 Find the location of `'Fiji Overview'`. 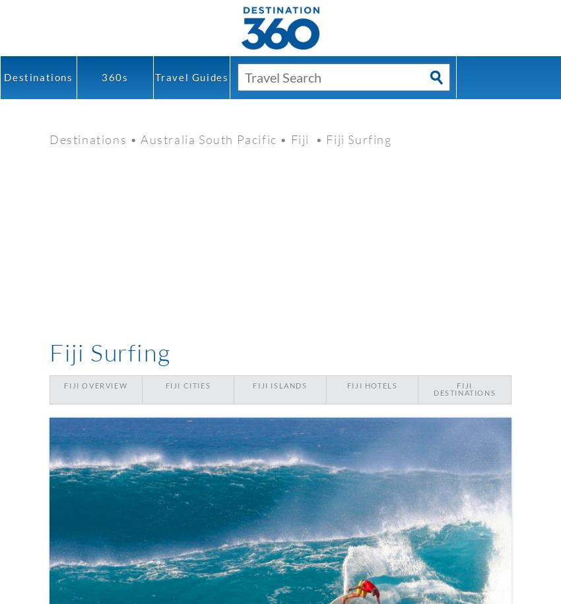

'Fiji Overview' is located at coordinates (63, 385).